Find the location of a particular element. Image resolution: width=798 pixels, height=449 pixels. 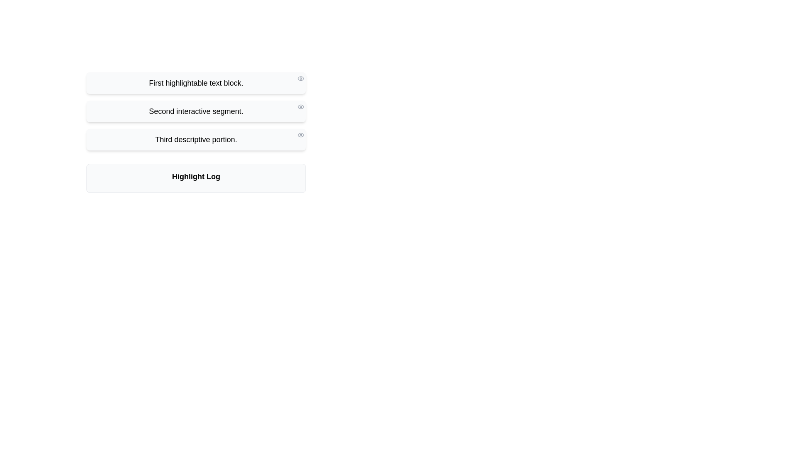

the third static text block that visually represents a descriptive section of information, located between the 'Second interactive segment' and 'Highlight Log.' is located at coordinates (195, 139).